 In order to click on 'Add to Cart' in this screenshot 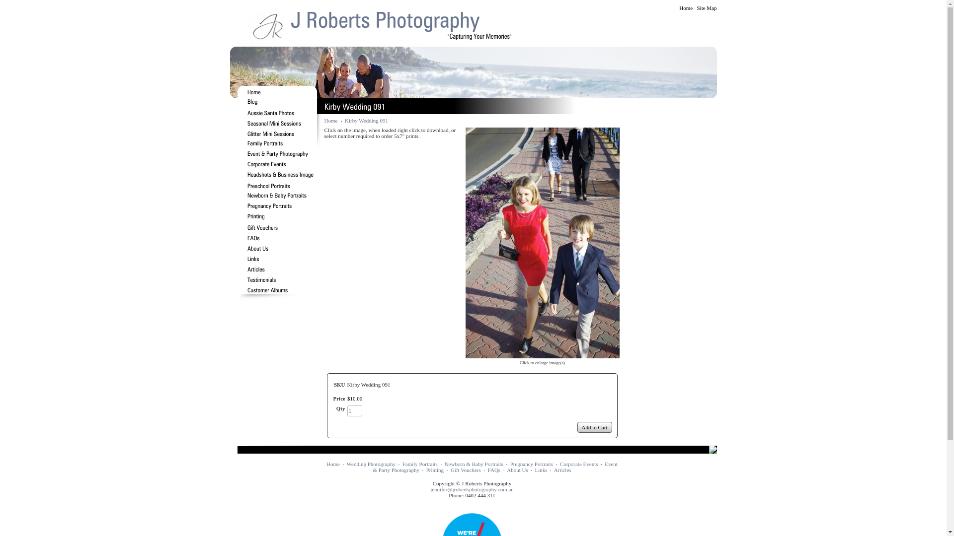, I will do `click(594, 426)`.